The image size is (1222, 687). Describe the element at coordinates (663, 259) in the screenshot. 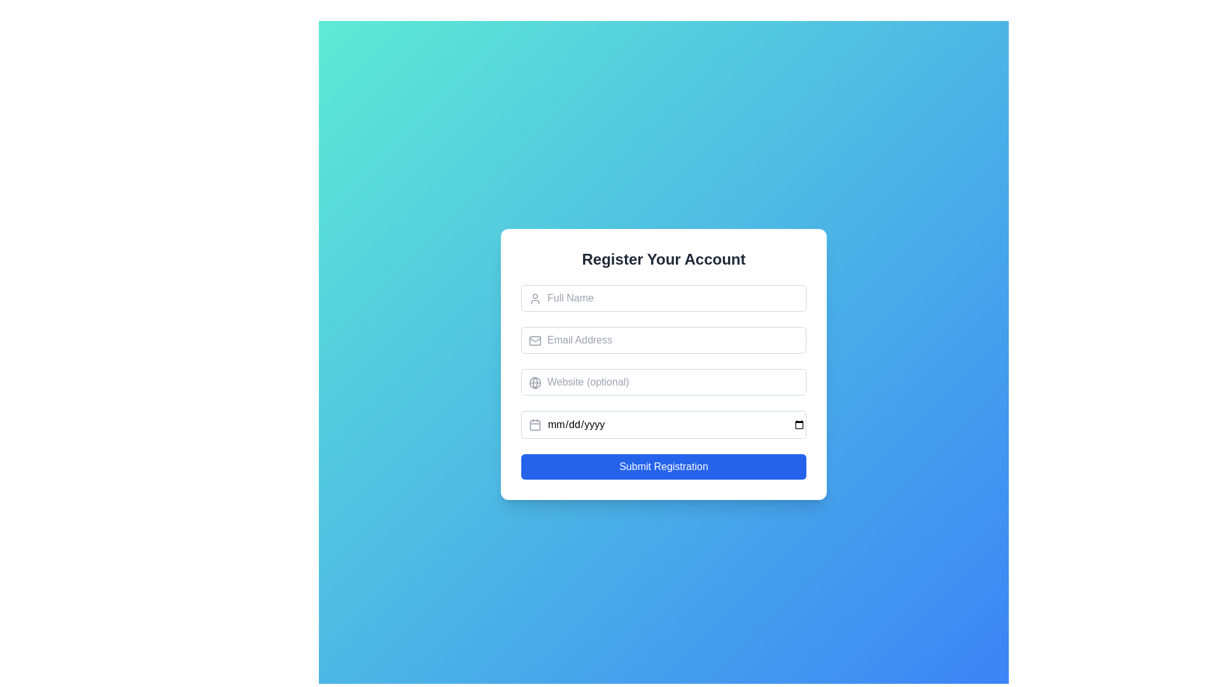

I see `the prominent, large-sized text element labeled 'Register Your Account' to trigger potential visual feedback` at that location.